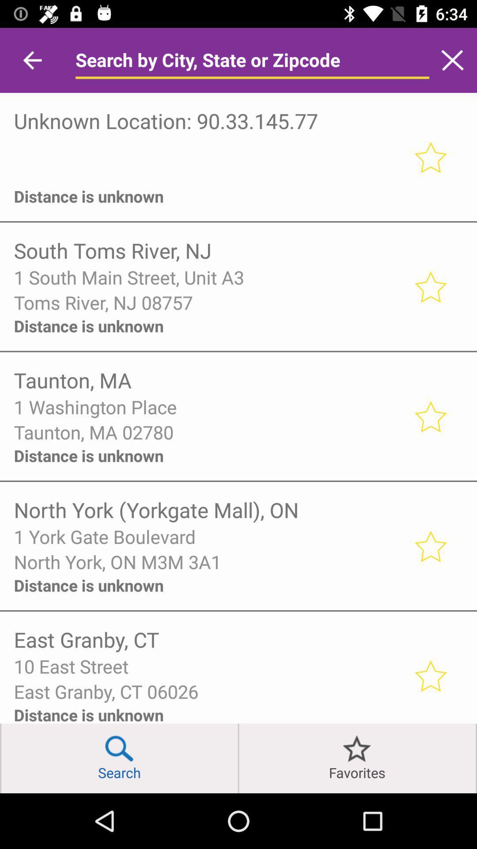 This screenshot has width=477, height=849. What do you see at coordinates (208, 666) in the screenshot?
I see `icon above the east granby ct item` at bounding box center [208, 666].